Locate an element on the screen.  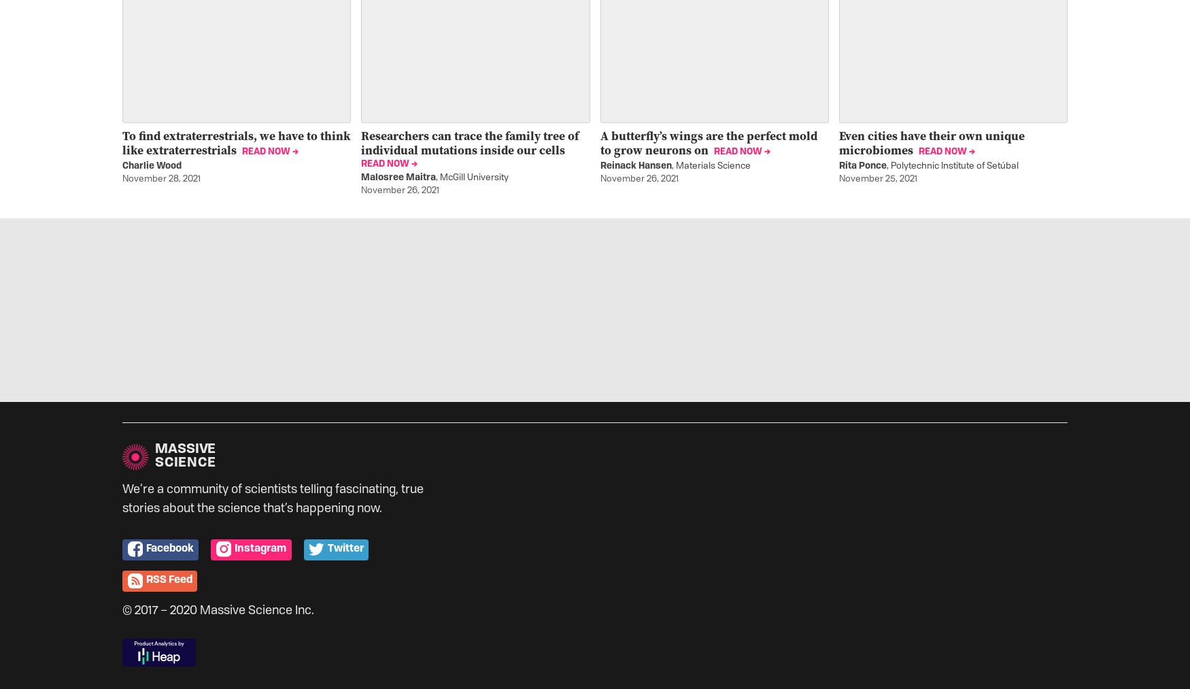
'Science' is located at coordinates (184, 462).